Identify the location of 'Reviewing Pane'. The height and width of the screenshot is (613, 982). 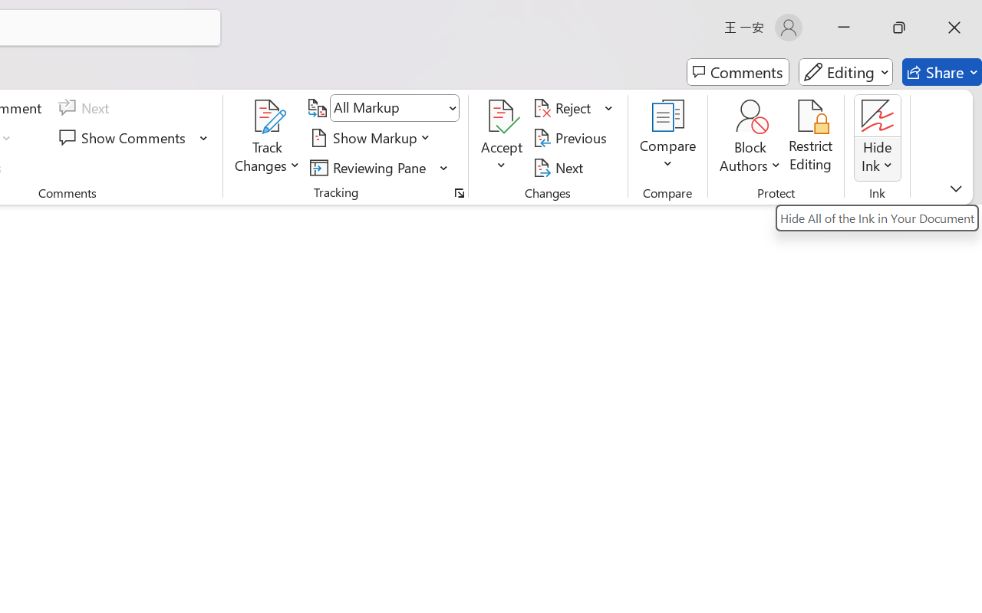
(379, 167).